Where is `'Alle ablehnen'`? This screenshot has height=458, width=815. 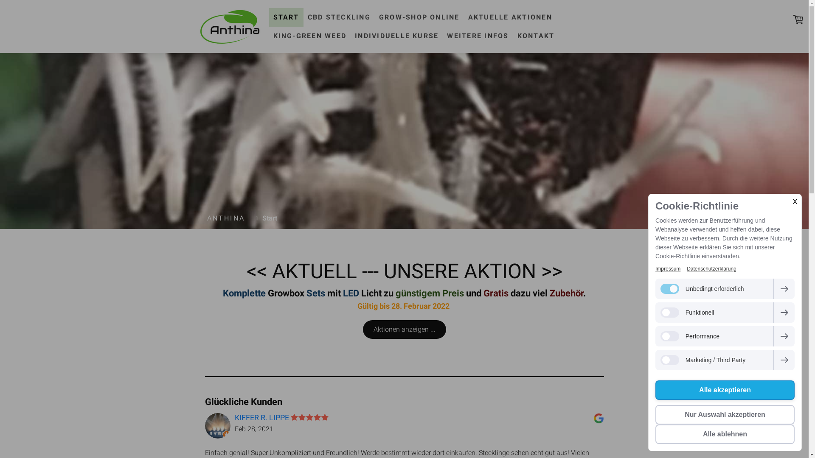
'Alle ablehnen' is located at coordinates (725, 434).